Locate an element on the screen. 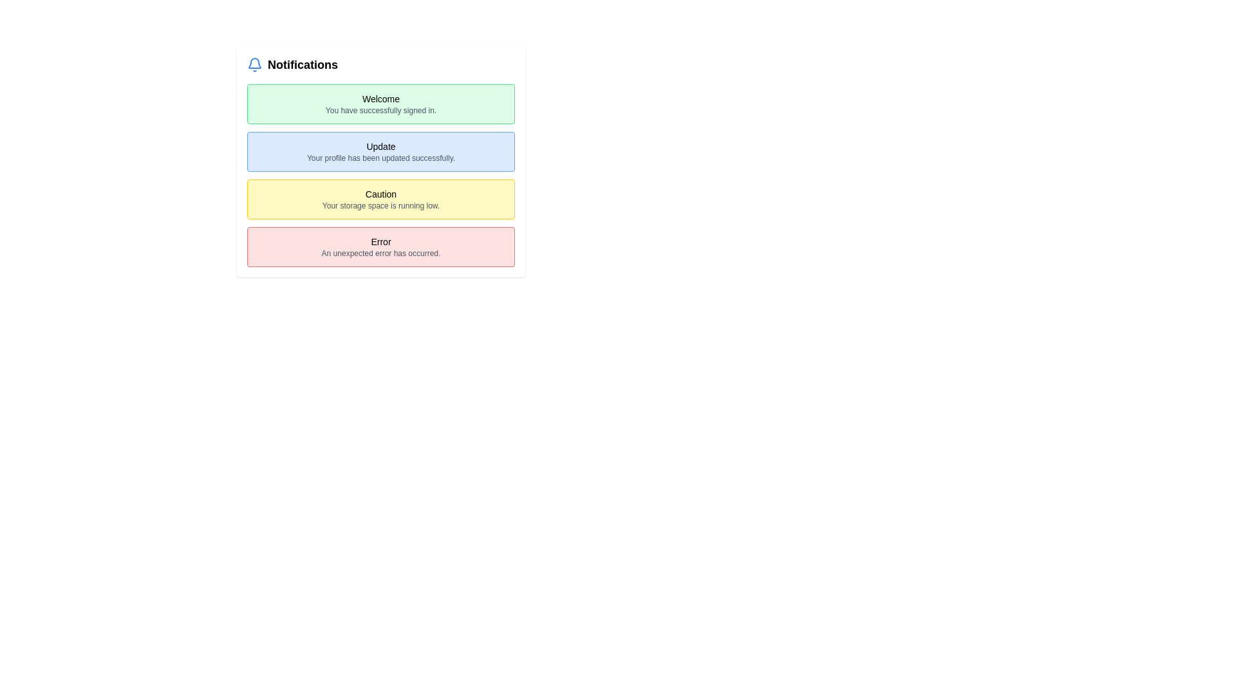 Image resolution: width=1236 pixels, height=695 pixels. the third informational notification card that indicates low storage space, positioned in the center of the page is located at coordinates (380, 199).